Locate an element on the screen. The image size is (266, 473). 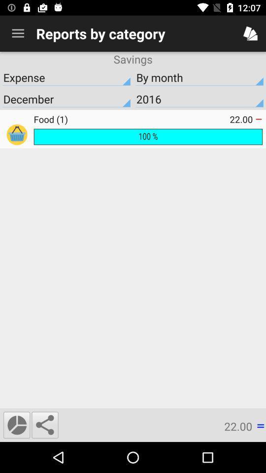
2016 icon is located at coordinates (199, 99).